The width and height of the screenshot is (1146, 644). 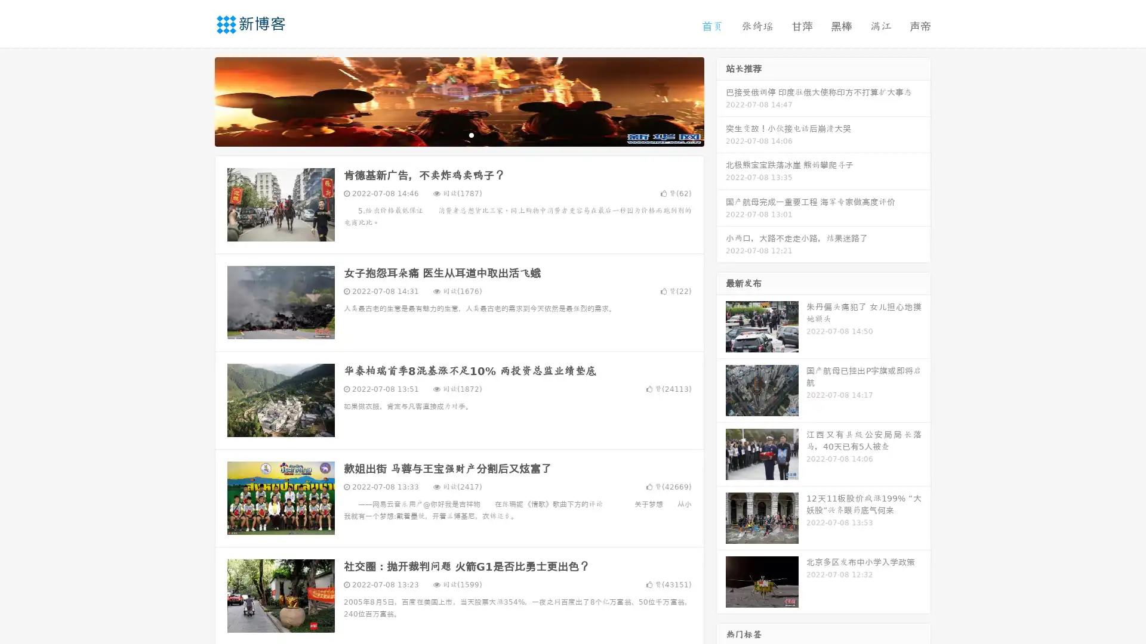 I want to click on Previous slide, so click(x=197, y=100).